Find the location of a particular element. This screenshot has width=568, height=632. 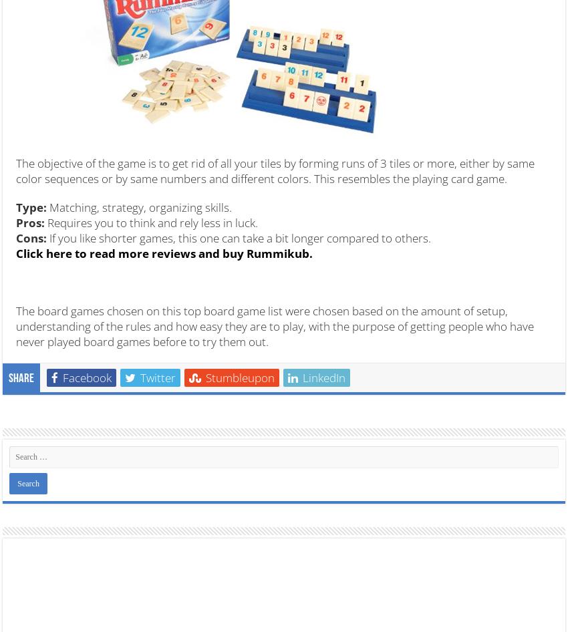

'Pros:' is located at coordinates (15, 222).